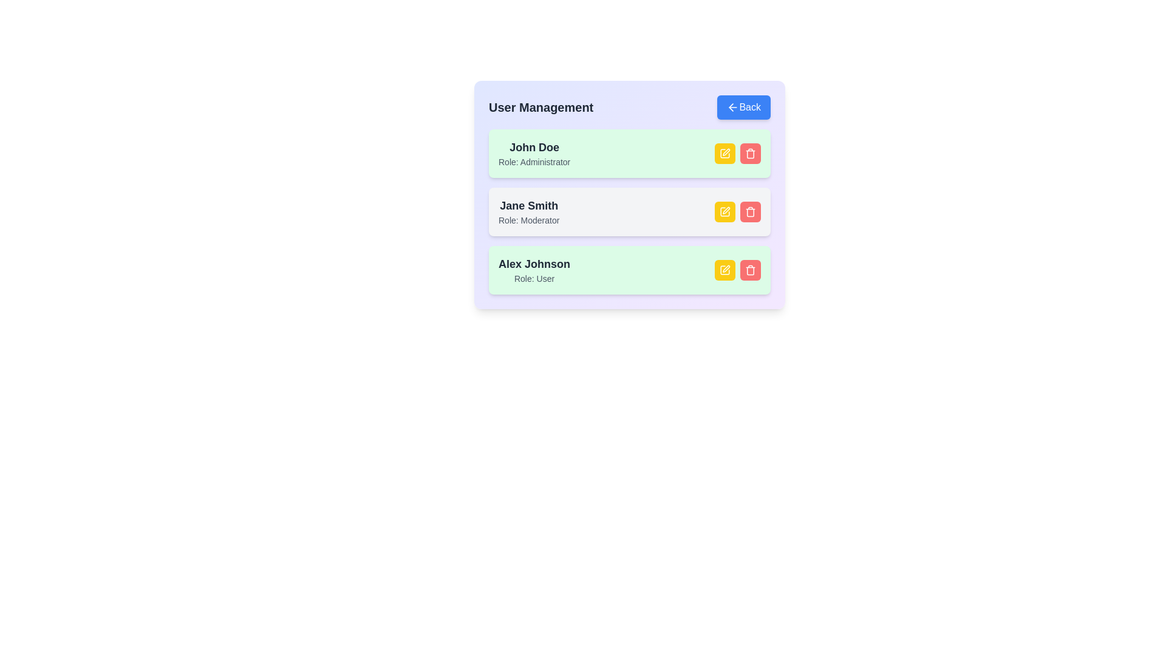 This screenshot has height=656, width=1166. Describe the element at coordinates (750, 269) in the screenshot. I see `delete button for the user Alex Johnson` at that location.